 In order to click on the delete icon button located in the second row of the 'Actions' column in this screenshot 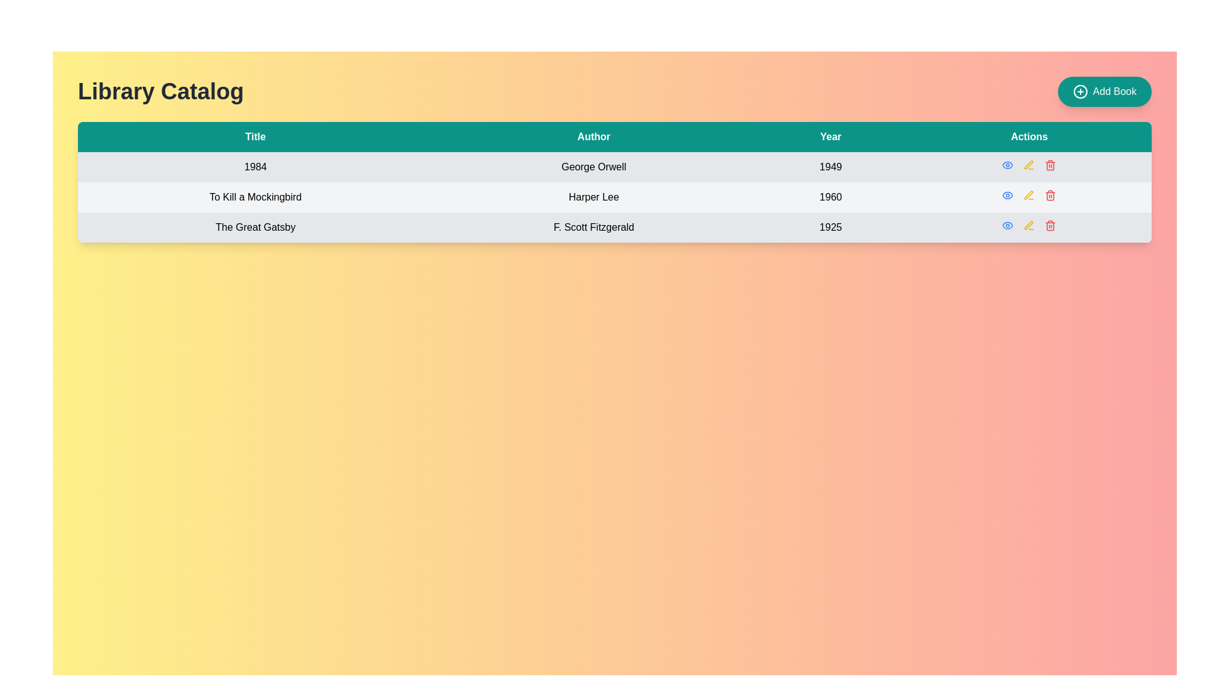, I will do `click(1050, 196)`.